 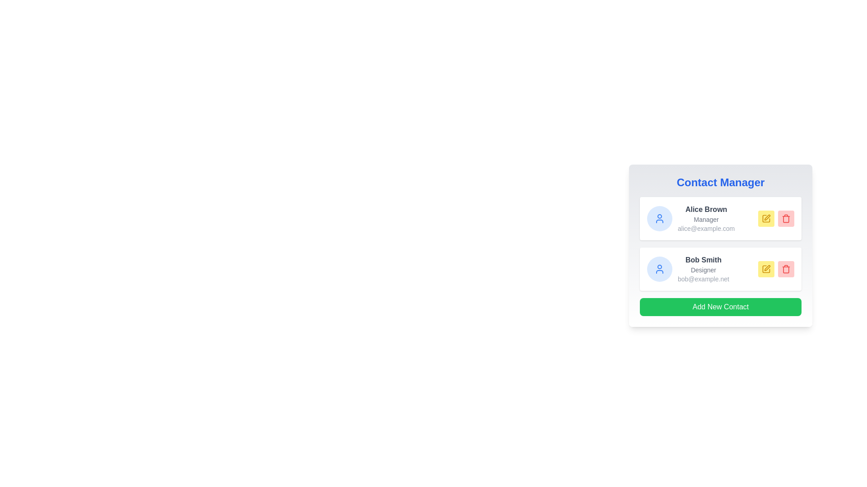 I want to click on the delete button for the Alice Brown contact, so click(x=786, y=219).